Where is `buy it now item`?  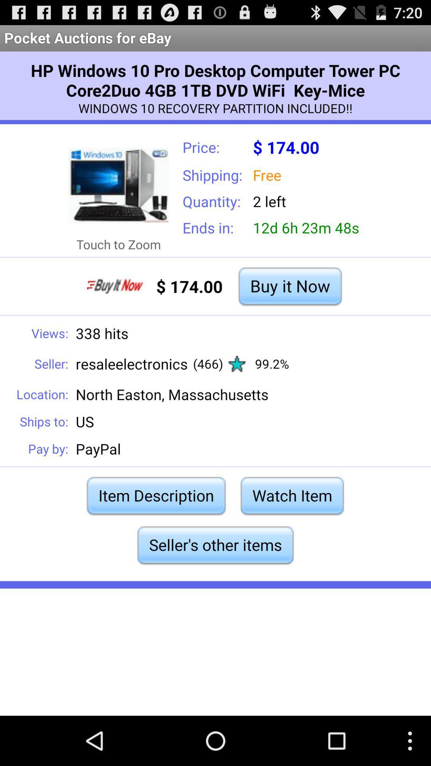
buy it now item is located at coordinates (290, 286).